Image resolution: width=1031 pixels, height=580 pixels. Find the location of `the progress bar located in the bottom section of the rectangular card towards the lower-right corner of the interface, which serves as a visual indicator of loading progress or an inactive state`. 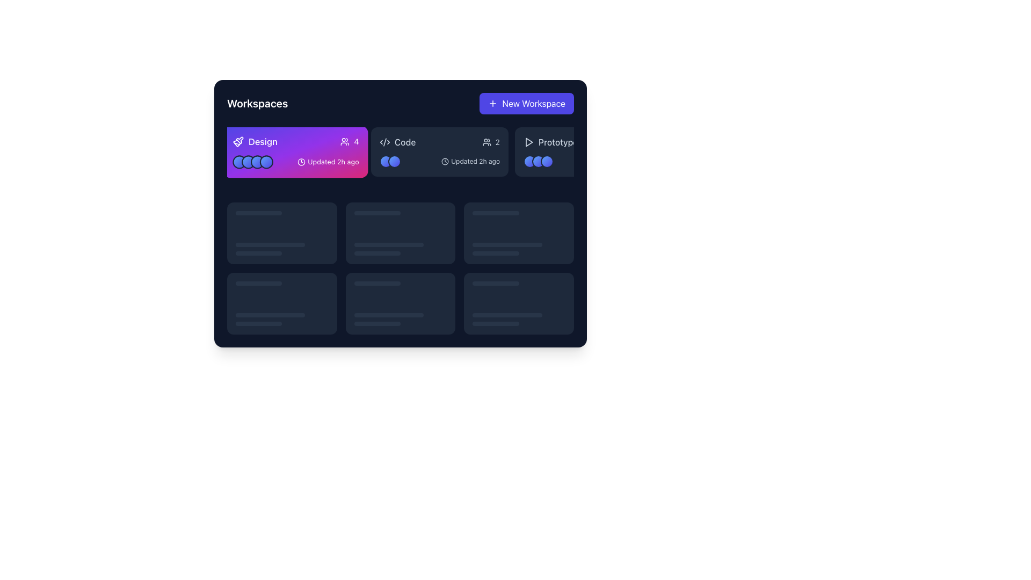

the progress bar located in the bottom section of the rectangular card towards the lower-right corner of the interface, which serves as a visual indicator of loading progress or an inactive state is located at coordinates (495, 323).